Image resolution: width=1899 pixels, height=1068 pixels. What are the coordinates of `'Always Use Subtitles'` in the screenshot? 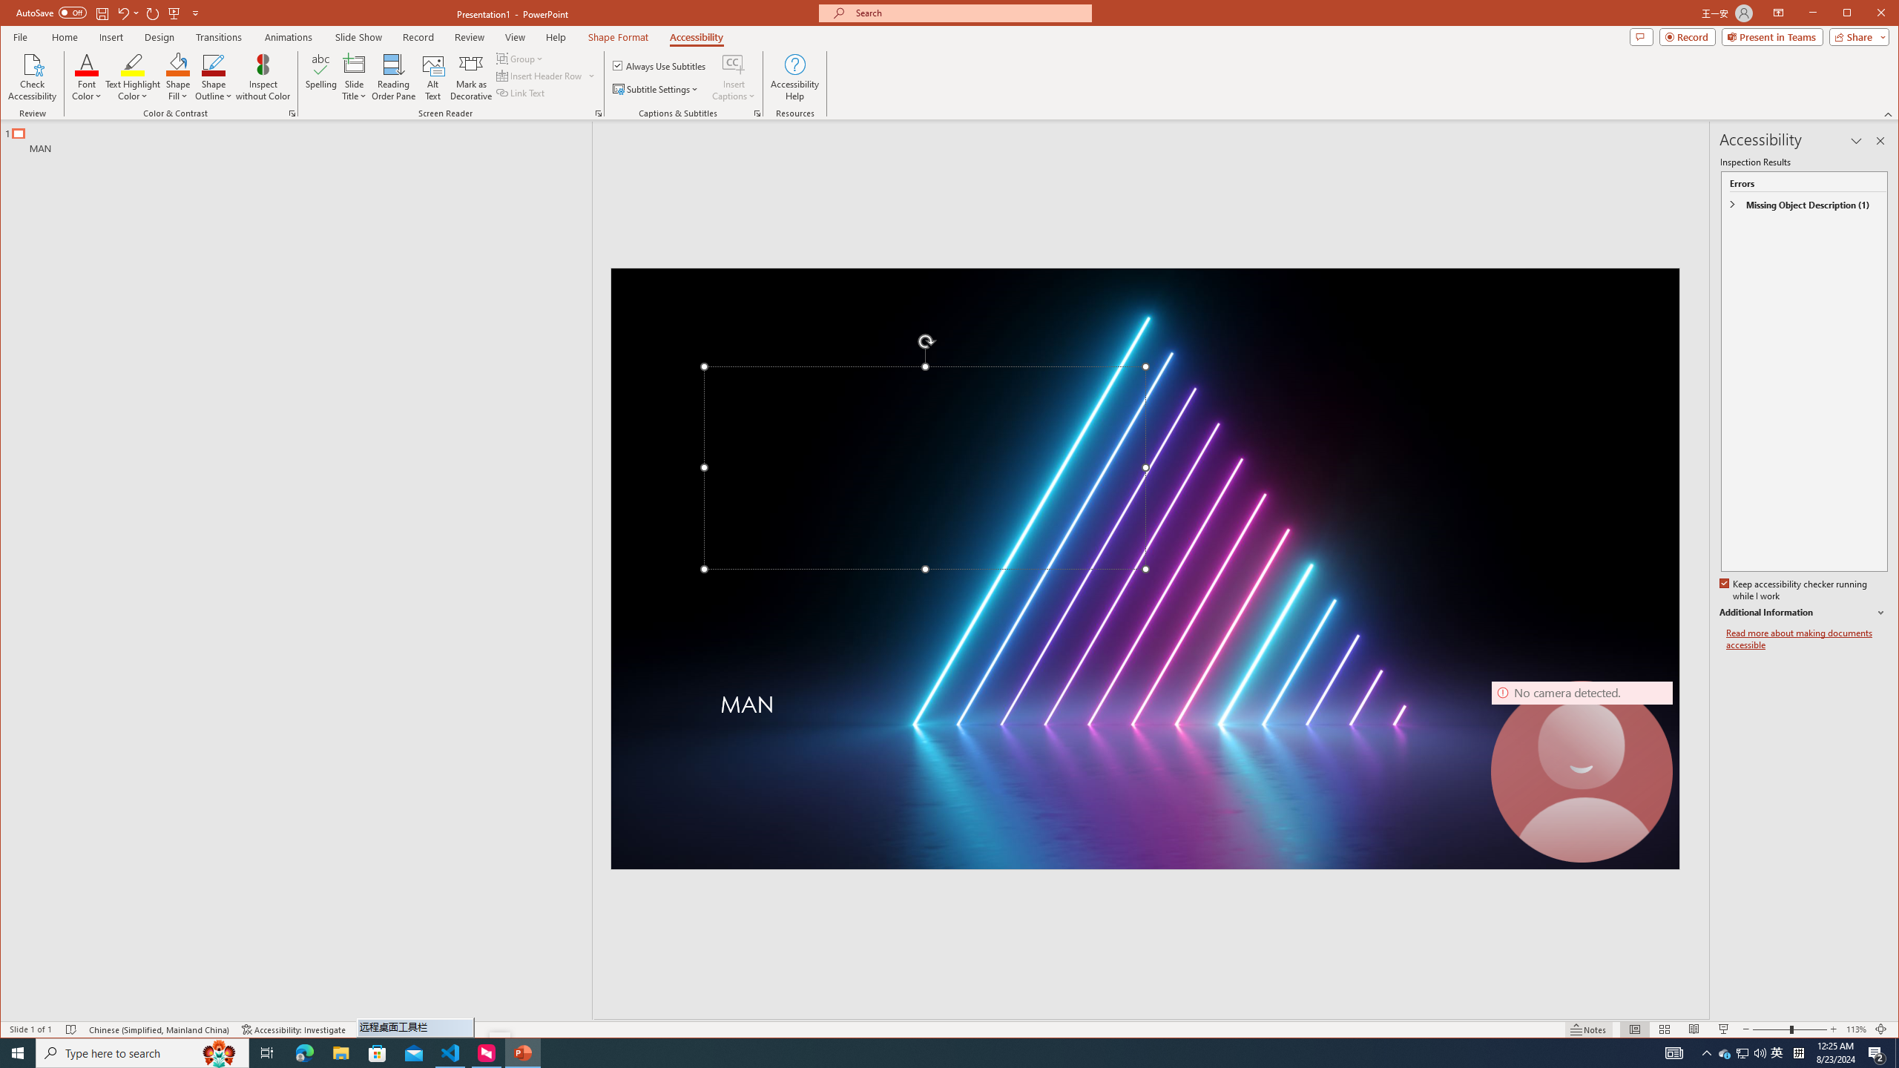 It's located at (659, 65).